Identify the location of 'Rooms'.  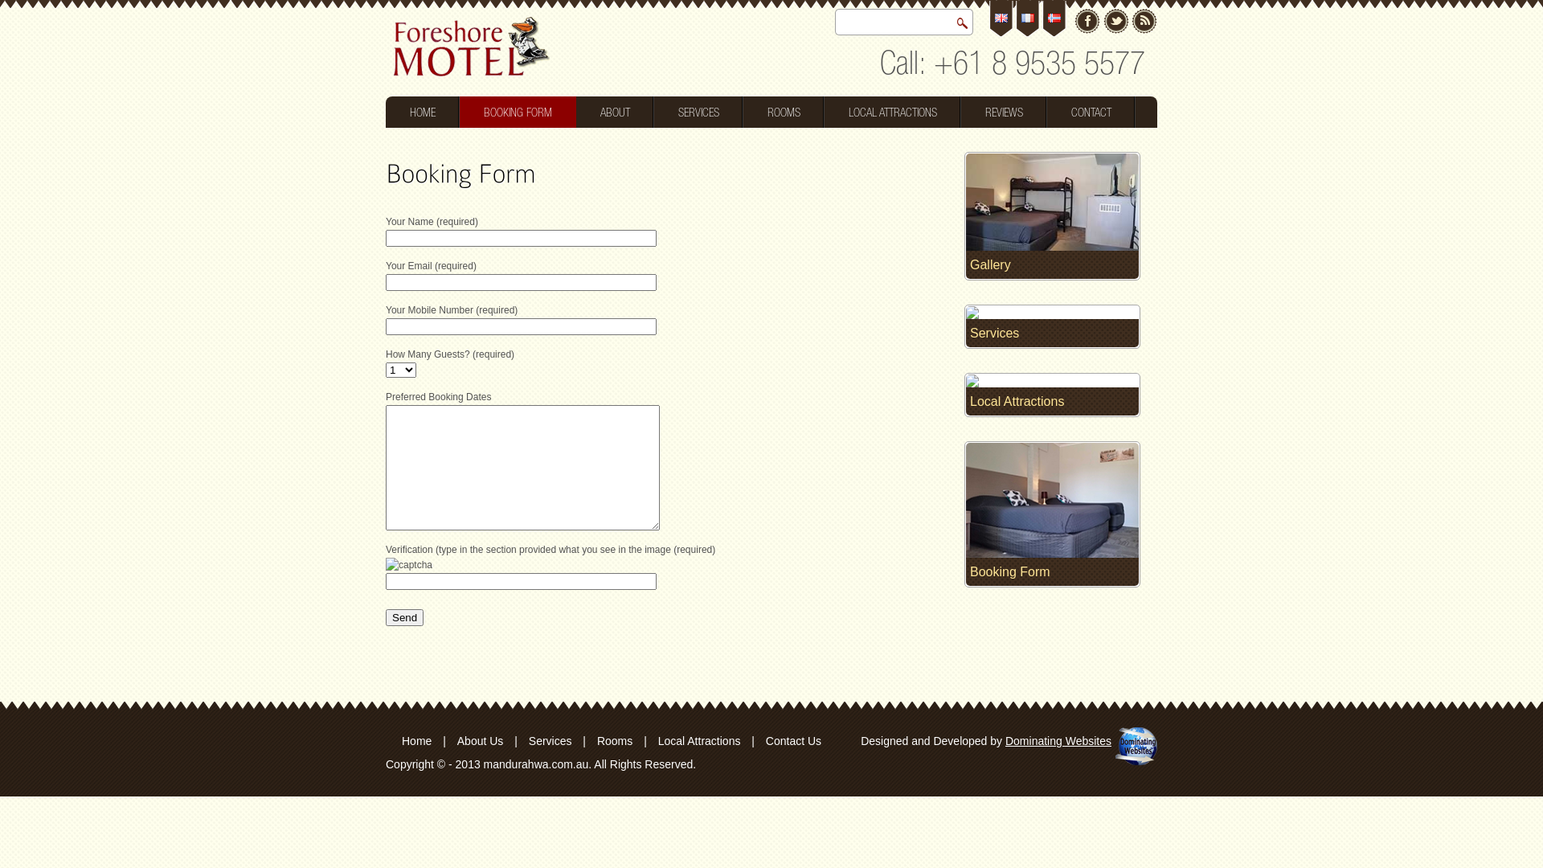
(613, 740).